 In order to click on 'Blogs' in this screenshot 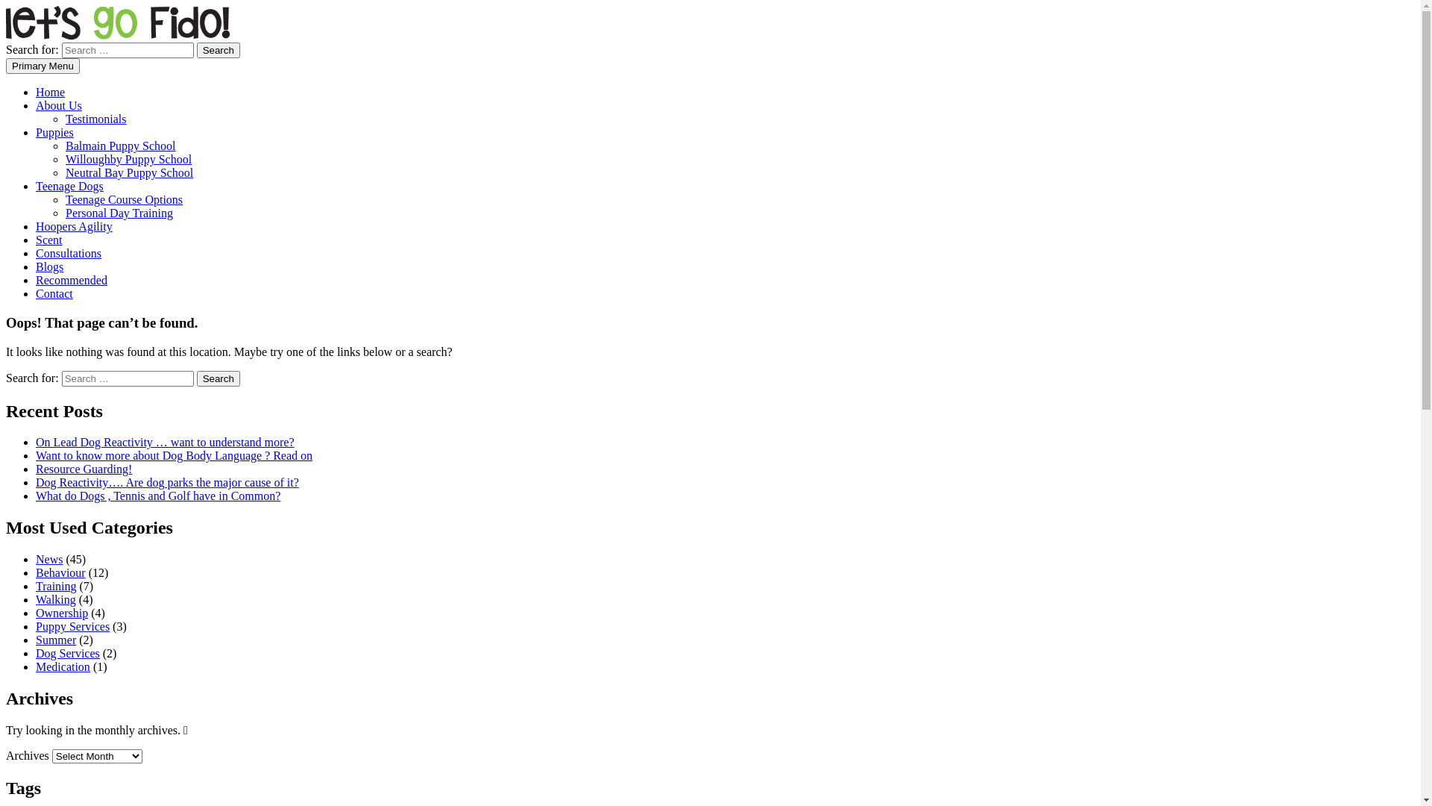, I will do `click(49, 266)`.